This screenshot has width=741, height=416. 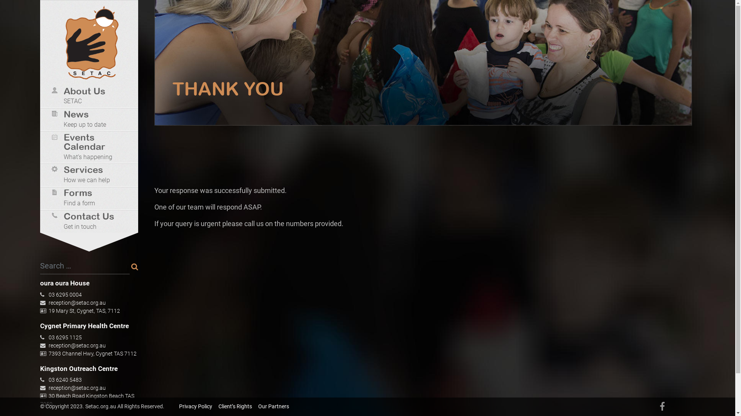 What do you see at coordinates (273, 406) in the screenshot?
I see `'Our Partners'` at bounding box center [273, 406].